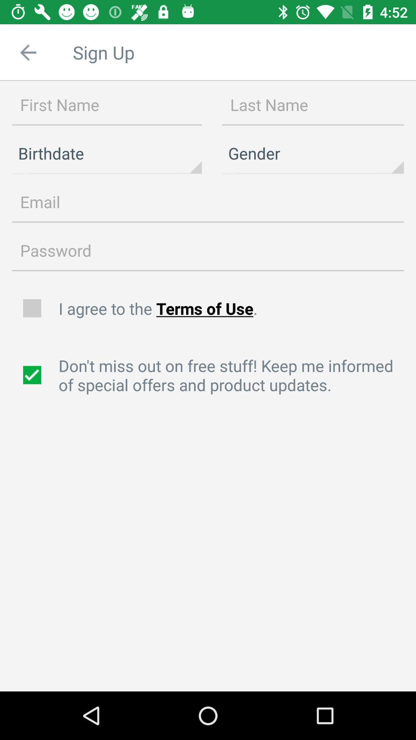 The image size is (416, 740). I want to click on the item above the birthdate item, so click(107, 105).